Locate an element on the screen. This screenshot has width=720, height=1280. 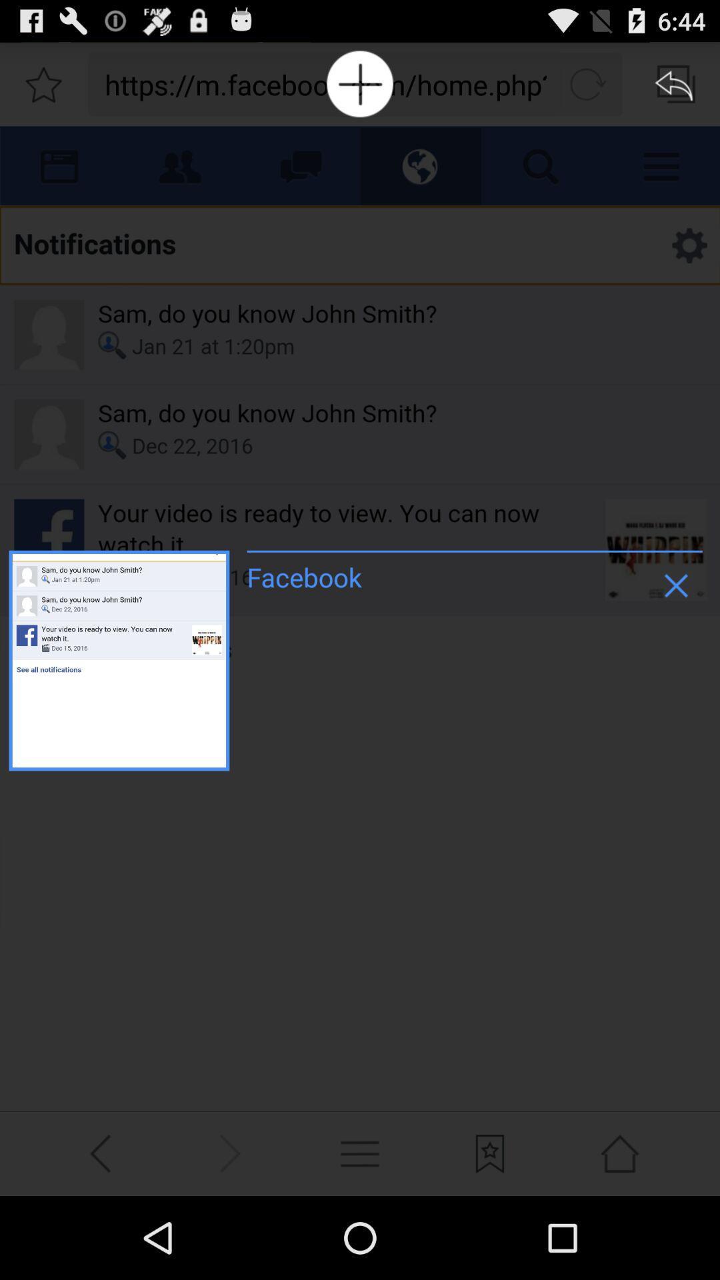
the add icon is located at coordinates (360, 89).